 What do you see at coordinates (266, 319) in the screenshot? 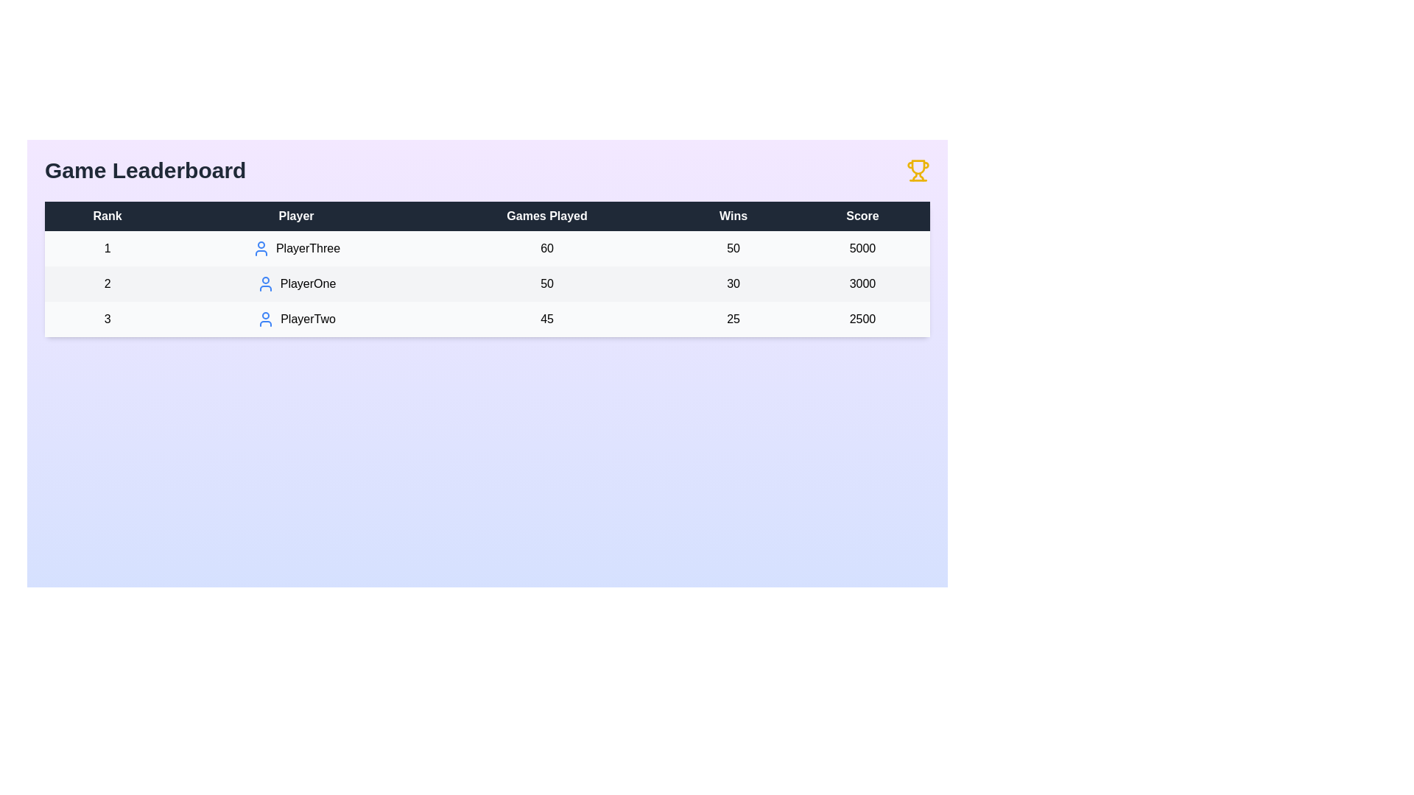
I see `user icon styled with a circular head and body outline in blue, located next to the text 'PlayerTwo' in the third row of the leaderboard table` at bounding box center [266, 319].